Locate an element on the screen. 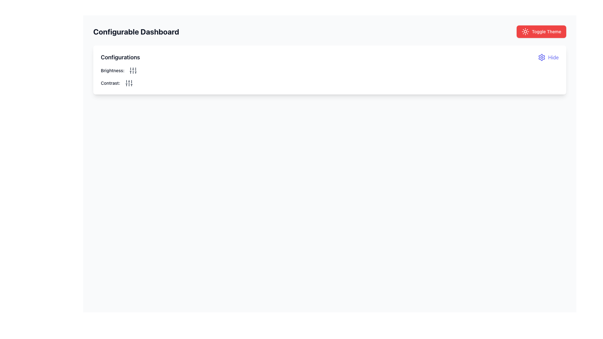 The width and height of the screenshot is (603, 339). the 'Toggle Theme' button with a red background and white text, located in the top-right corner of the 'Configurable Dashboard' interface is located at coordinates (541, 31).